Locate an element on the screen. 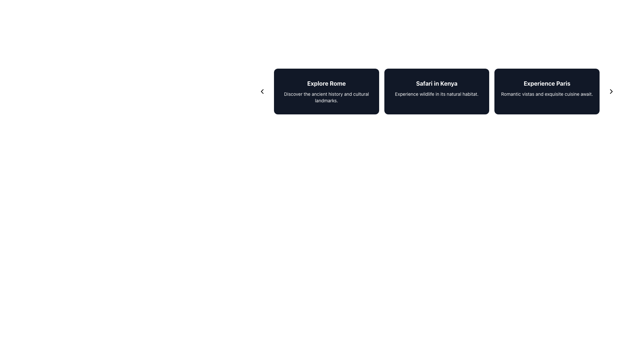  the small, rounded rectangle navigation button with a left-pointing arrow icon, located to the left of the descriptive cards to change its background color is located at coordinates (262, 92).